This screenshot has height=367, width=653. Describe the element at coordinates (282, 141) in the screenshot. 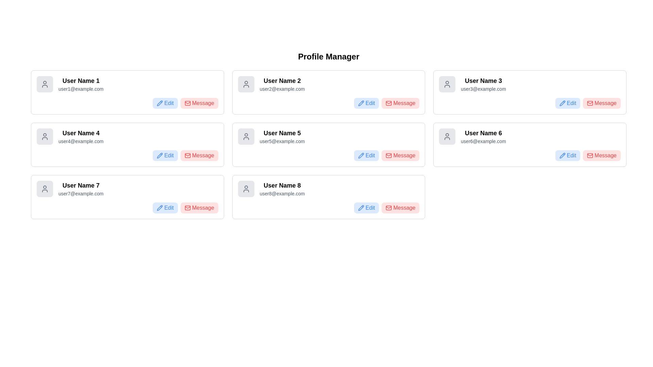

I see `the static text element displaying the user's email address, which is located below the user's name and above interactive buttons` at that location.